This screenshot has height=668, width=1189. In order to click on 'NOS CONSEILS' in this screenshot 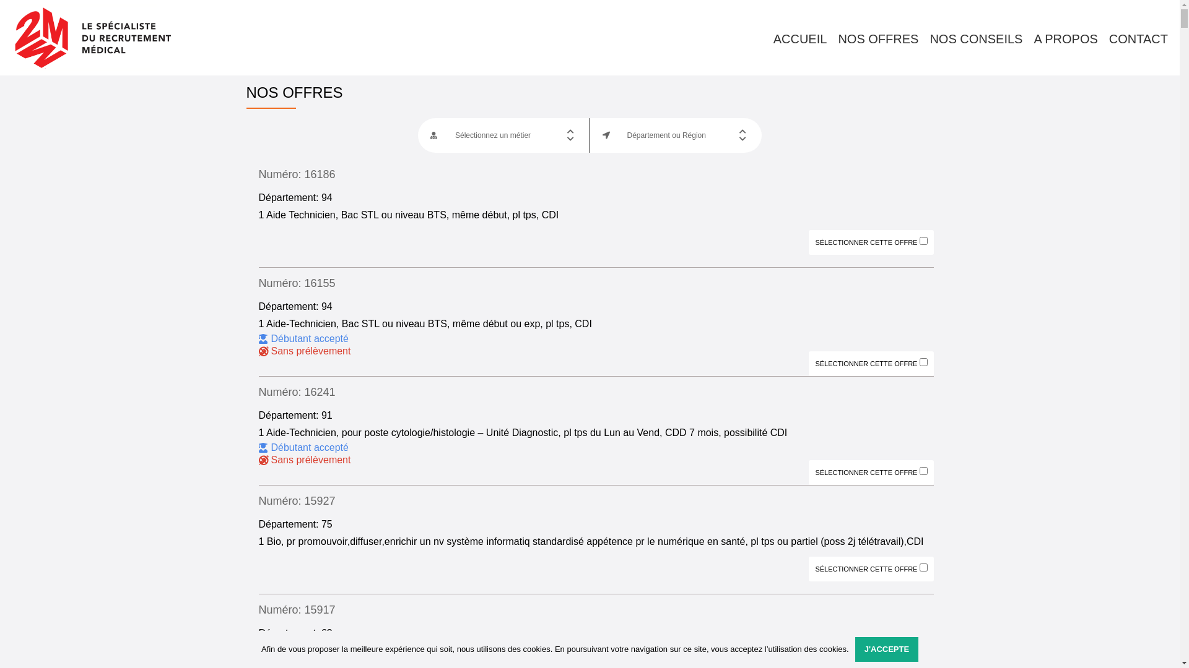, I will do `click(975, 38)`.